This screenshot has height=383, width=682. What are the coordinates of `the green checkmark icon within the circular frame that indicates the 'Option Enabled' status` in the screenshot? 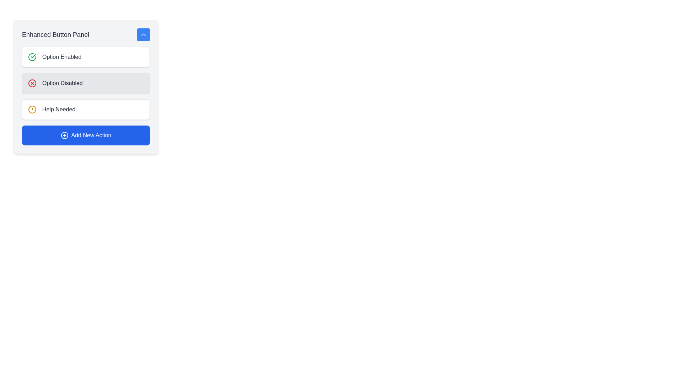 It's located at (33, 56).